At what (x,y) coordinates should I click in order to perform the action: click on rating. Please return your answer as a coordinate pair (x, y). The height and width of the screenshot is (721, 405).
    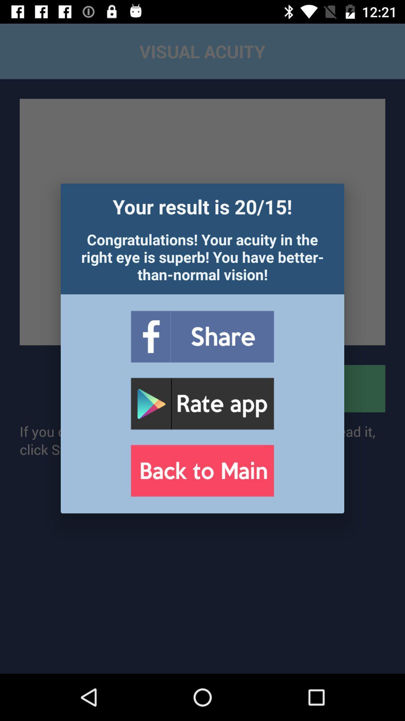
    Looking at the image, I should click on (202, 403).